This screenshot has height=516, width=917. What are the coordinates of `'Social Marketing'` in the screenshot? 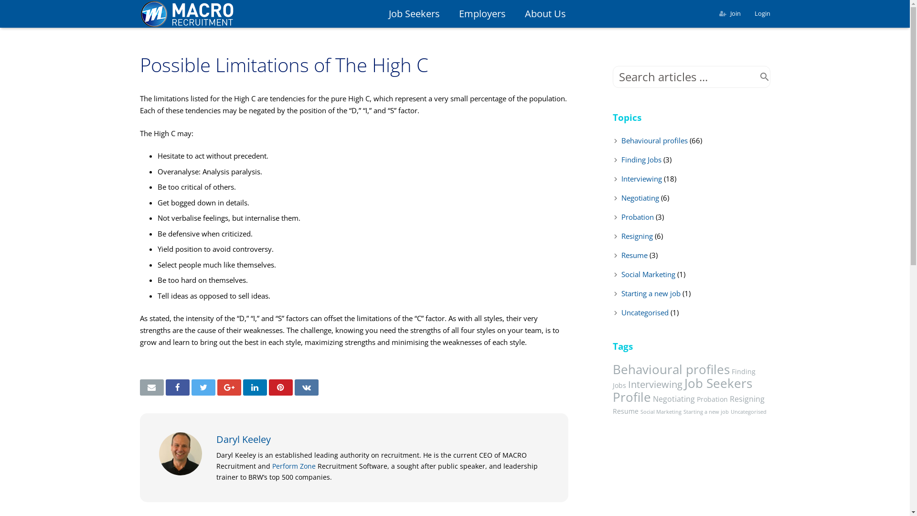 It's located at (648, 274).